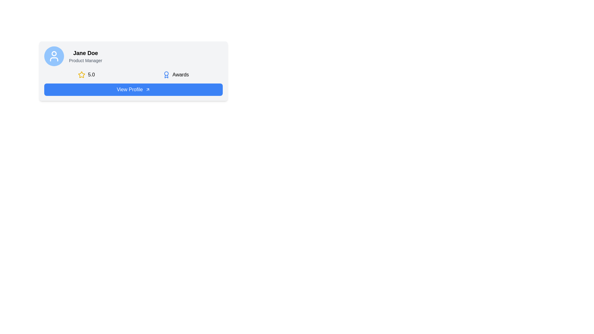  What do you see at coordinates (54, 59) in the screenshot?
I see `the user profile icon, specifically the lower part of the icon component inside the circular avatar, located at the top left corner of the user profile section` at bounding box center [54, 59].